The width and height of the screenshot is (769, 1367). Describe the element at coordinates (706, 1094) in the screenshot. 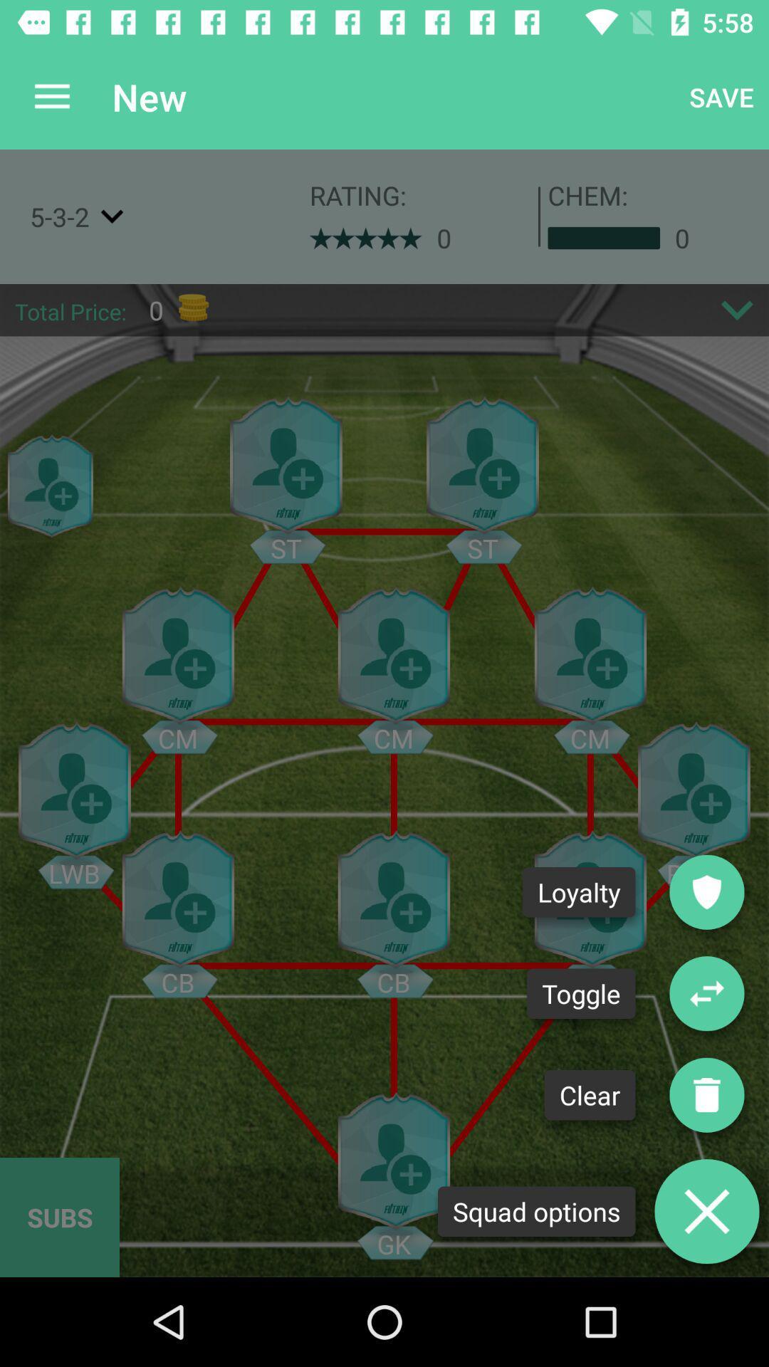

I see `the delete icon` at that location.